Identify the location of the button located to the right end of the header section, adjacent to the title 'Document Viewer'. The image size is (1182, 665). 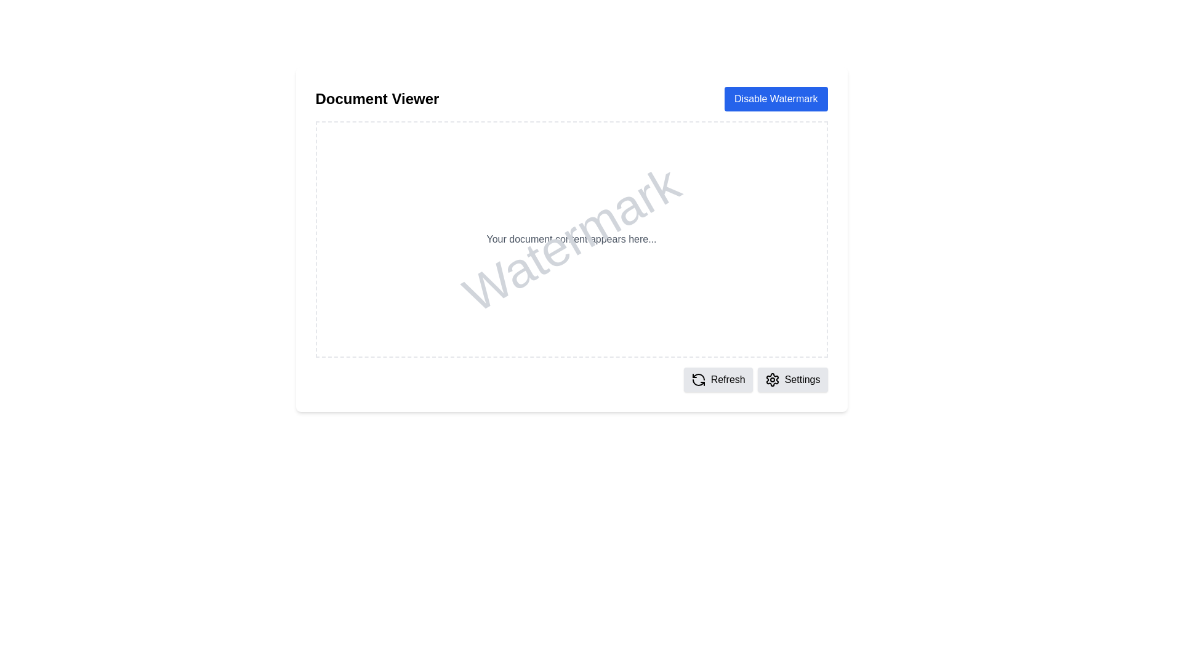
(775, 99).